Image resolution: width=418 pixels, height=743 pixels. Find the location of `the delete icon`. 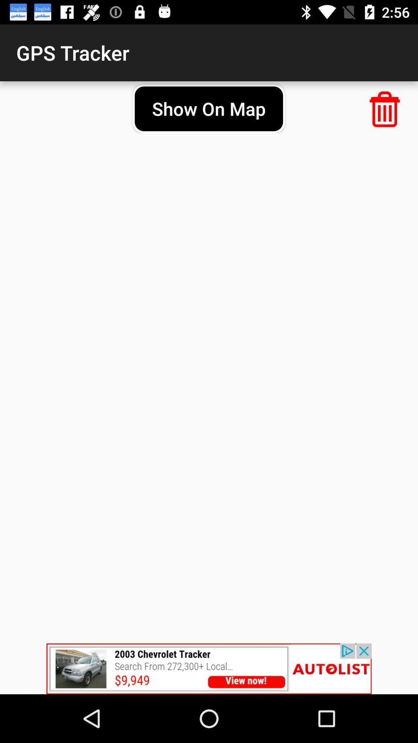

the delete icon is located at coordinates (385, 109).